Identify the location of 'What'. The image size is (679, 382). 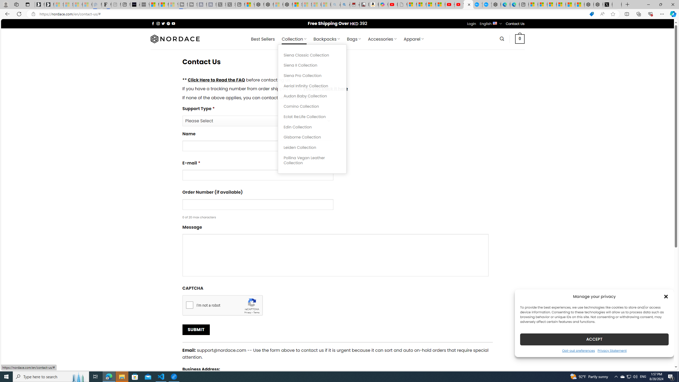
(145, 4).